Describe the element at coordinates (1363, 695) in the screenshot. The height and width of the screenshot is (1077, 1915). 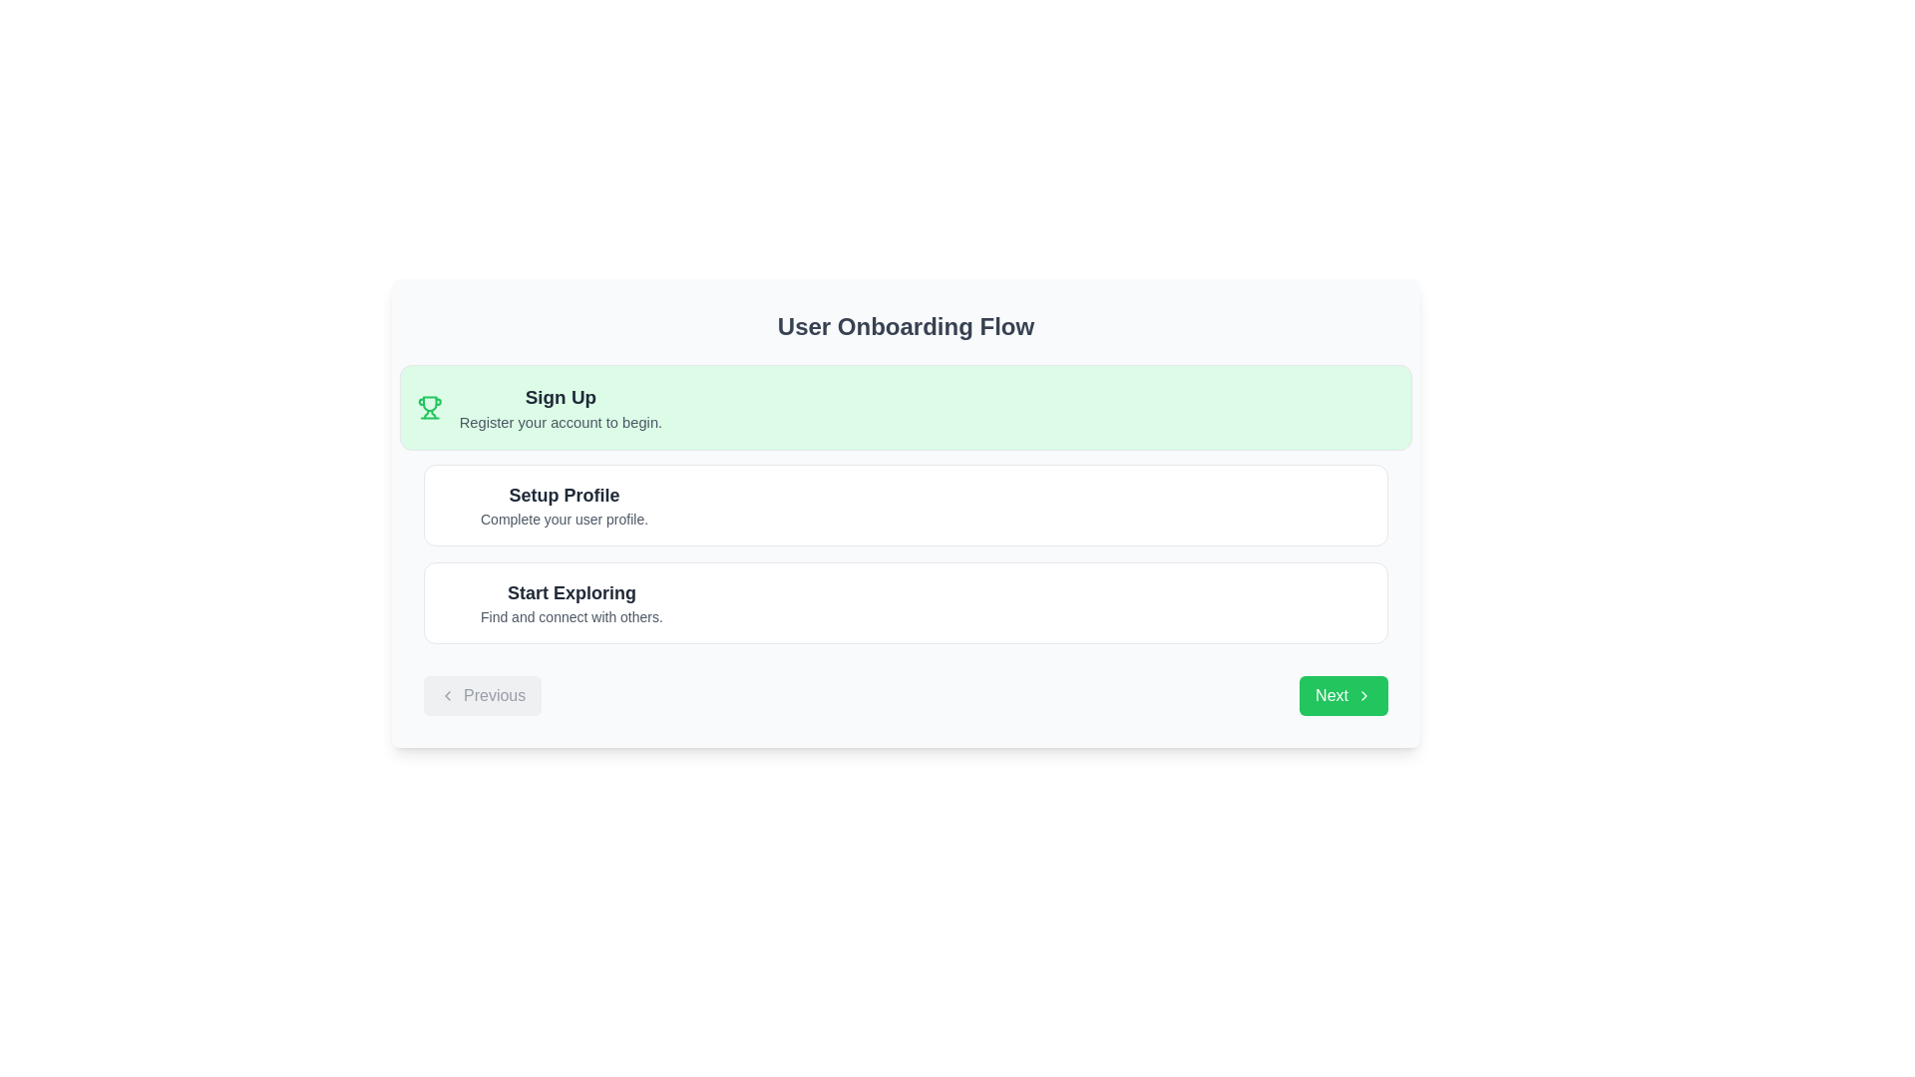
I see `the forward navigation icon located within the 'Next' button in the bottom-right corner of the user interface` at that location.